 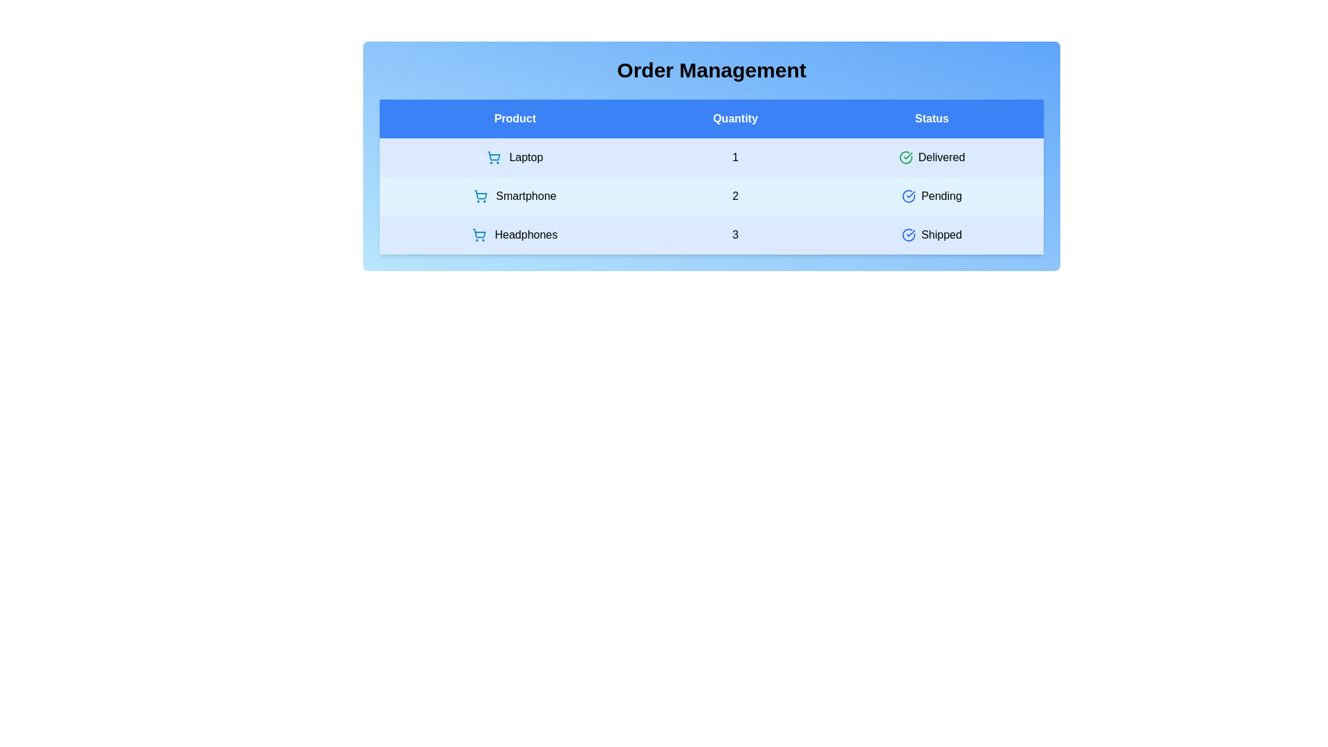 I want to click on the header title 'Quantity' to sort the table by that column, so click(x=735, y=118).